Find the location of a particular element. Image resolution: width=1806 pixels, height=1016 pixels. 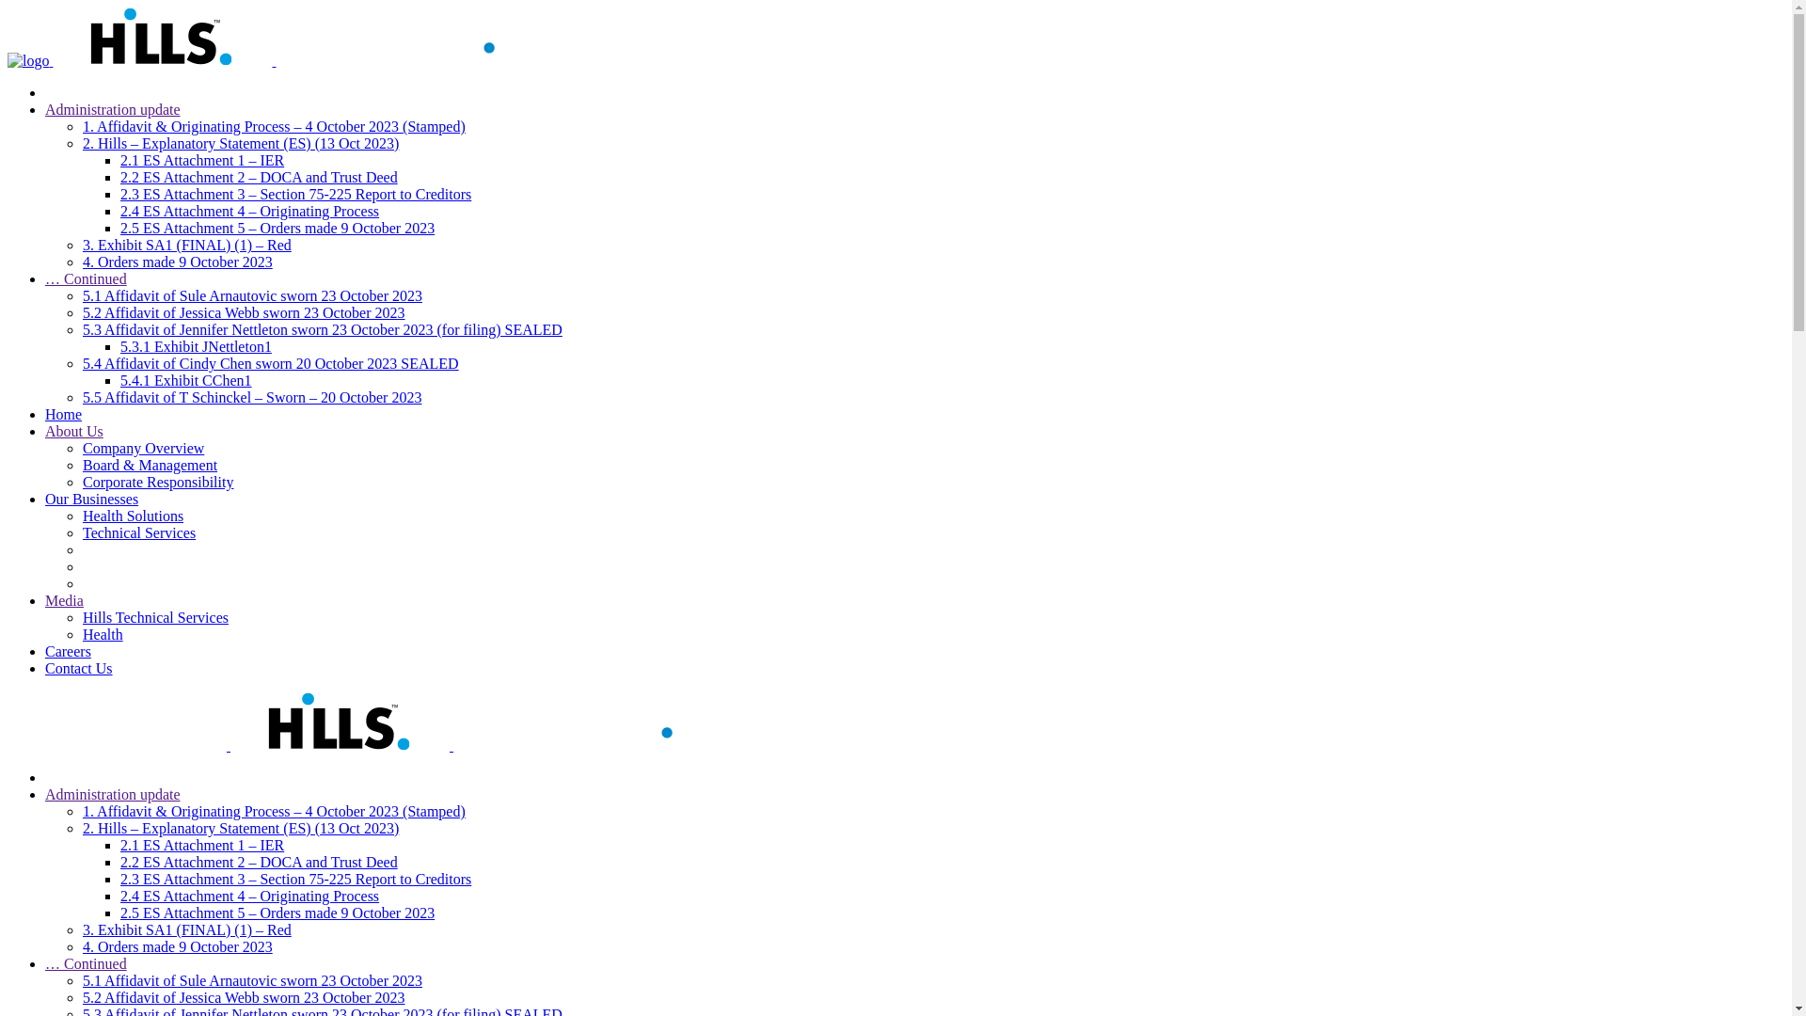

'5.1 Affidavit of Sule Arnautovic sworn 23 October 2023' is located at coordinates (251, 295).